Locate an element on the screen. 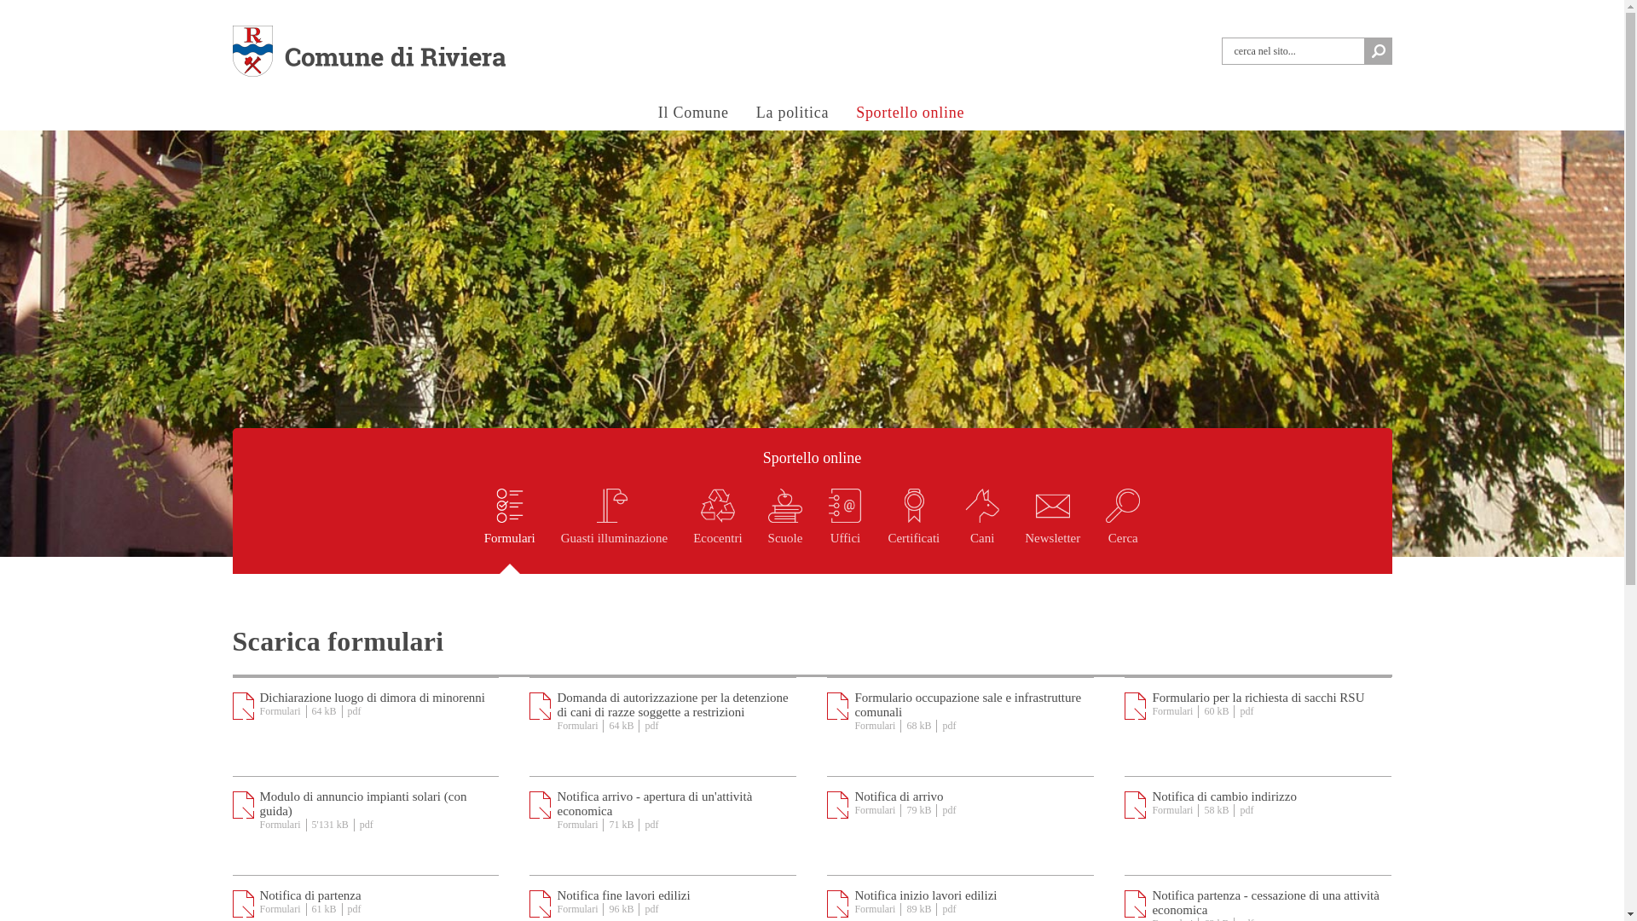 Image resolution: width=1637 pixels, height=921 pixels. 'Sportello online' is located at coordinates (810, 457).